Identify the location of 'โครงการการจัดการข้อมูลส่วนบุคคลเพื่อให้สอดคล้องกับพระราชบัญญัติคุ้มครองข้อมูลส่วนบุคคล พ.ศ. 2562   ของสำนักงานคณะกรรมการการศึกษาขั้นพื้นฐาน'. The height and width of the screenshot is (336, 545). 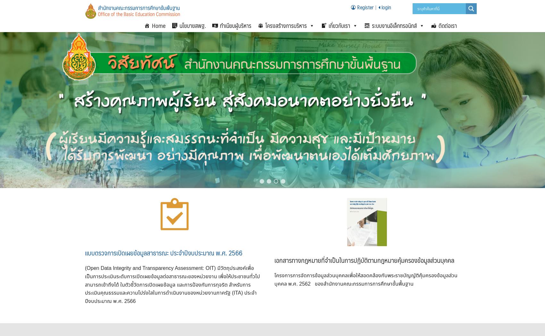
(365, 279).